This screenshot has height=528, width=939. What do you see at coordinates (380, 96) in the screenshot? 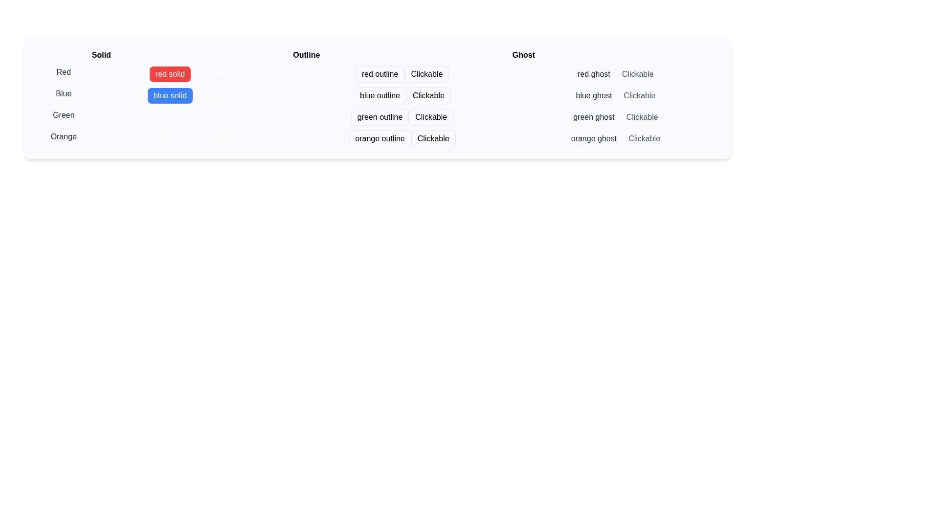
I see `the button labeled 'blue outline' which is located in the 'Outline' section of the layout table, specifically in the second row under the 'Outline' column` at bounding box center [380, 96].